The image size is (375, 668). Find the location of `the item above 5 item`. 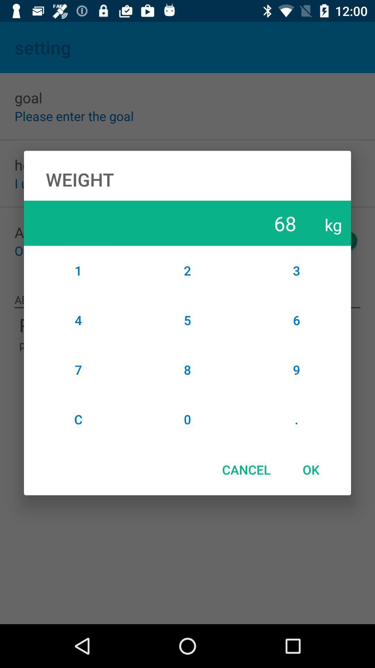

the item above 5 item is located at coordinates (187, 270).